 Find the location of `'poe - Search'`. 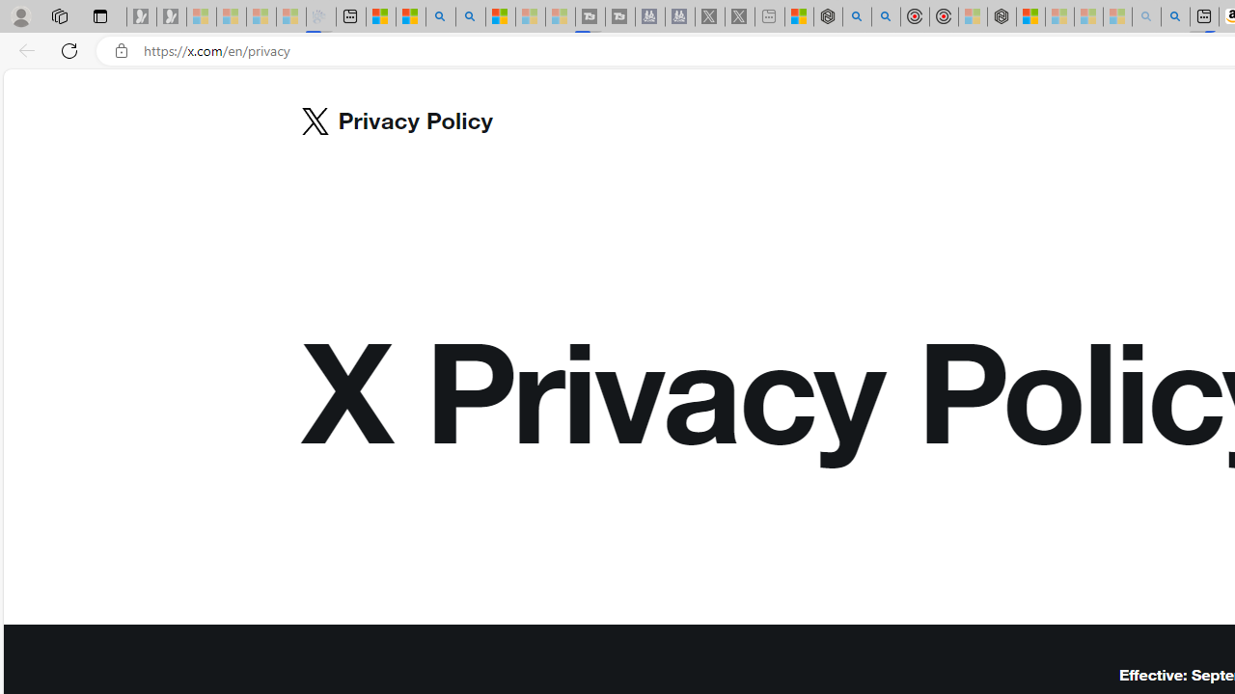

'poe - Search' is located at coordinates (856, 16).